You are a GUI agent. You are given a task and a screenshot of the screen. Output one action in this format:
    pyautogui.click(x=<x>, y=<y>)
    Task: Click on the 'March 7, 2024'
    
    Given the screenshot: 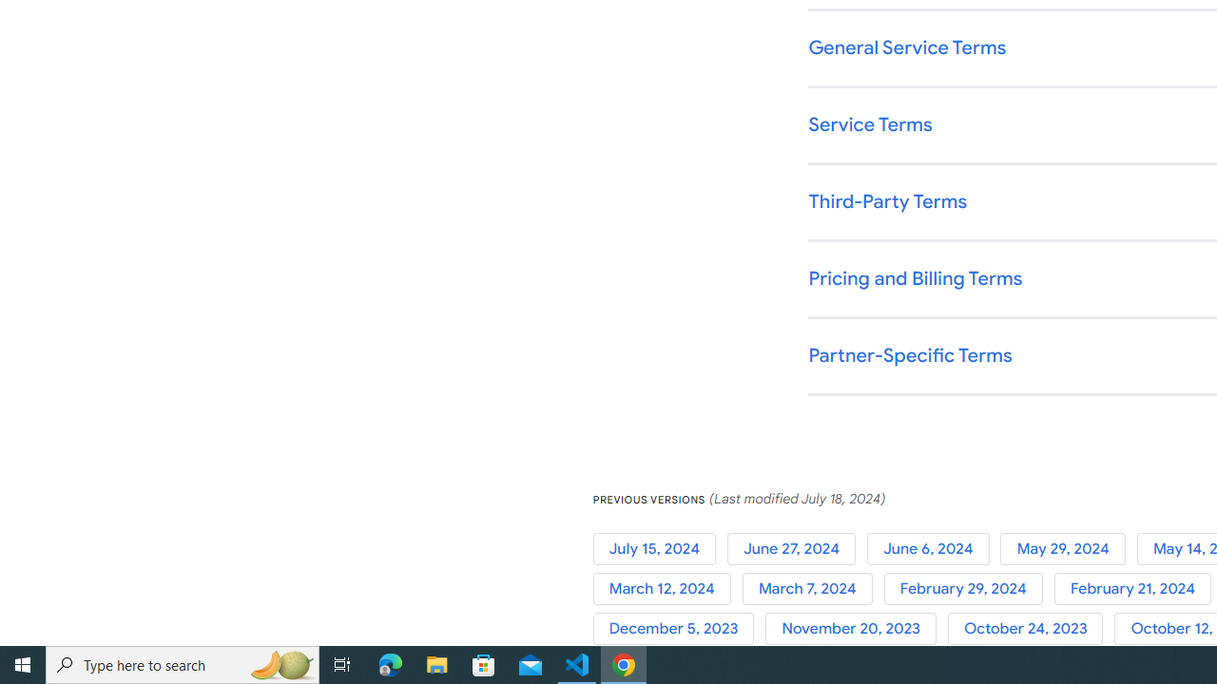 What is the action you would take?
    pyautogui.click(x=813, y=588)
    